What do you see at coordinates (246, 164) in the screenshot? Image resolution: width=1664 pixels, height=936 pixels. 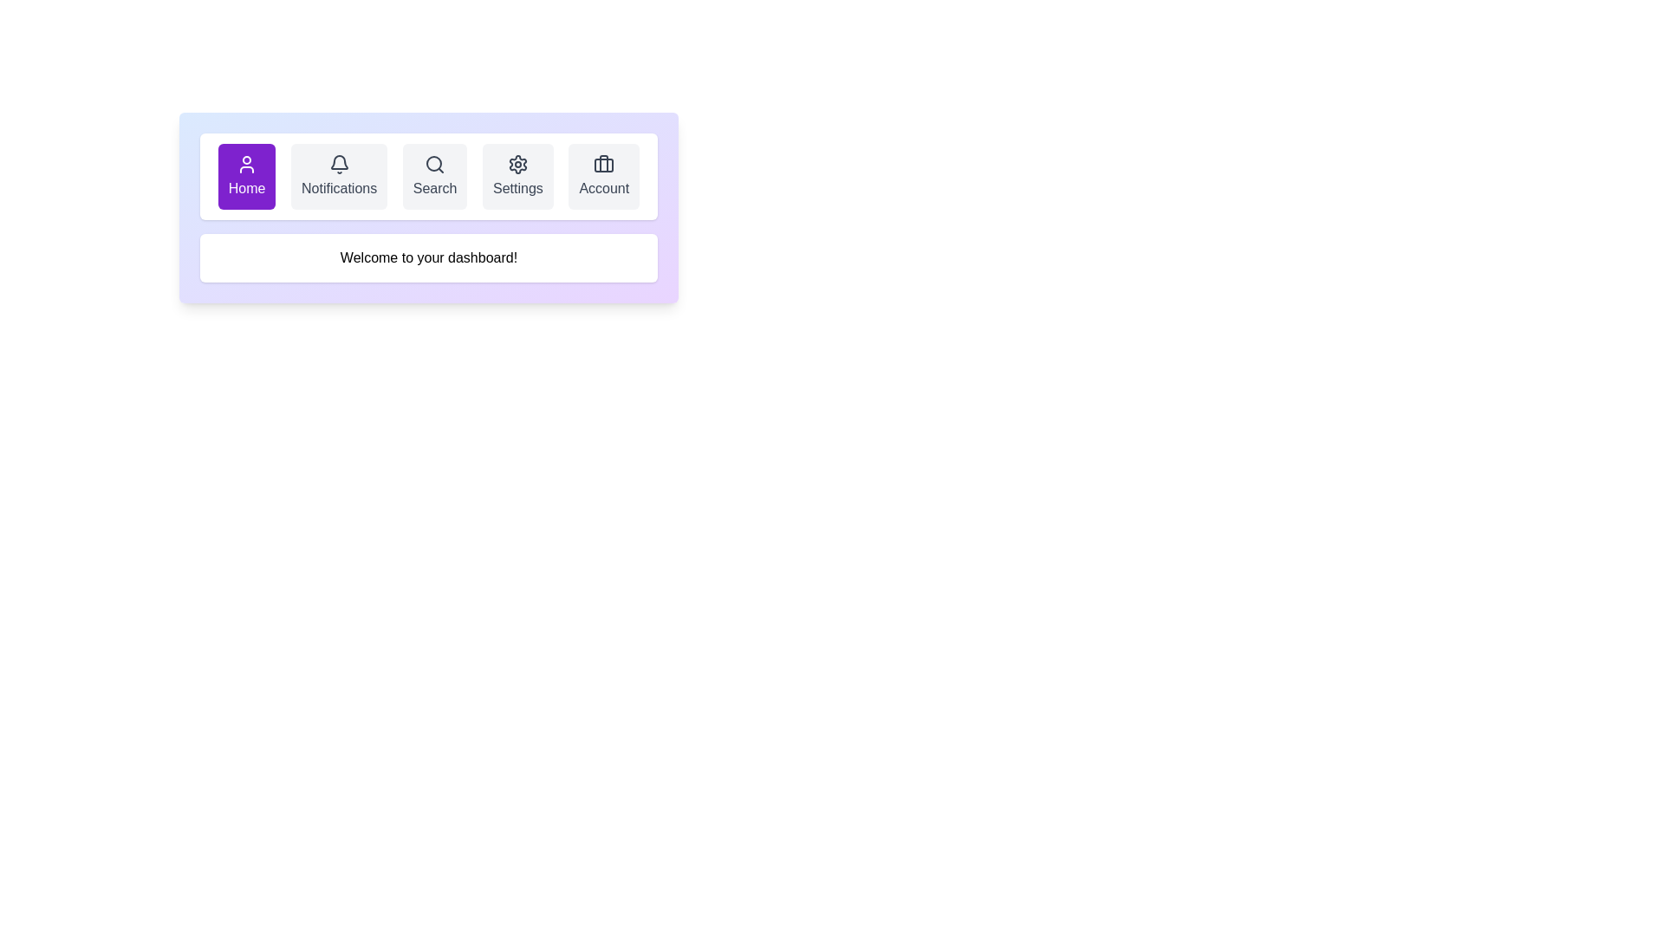 I see `the user SVG icon located in the first button of the horizontal navigation menu, which is styled with a white stroke against a purple background and positioned above the 'Home' text` at bounding box center [246, 164].